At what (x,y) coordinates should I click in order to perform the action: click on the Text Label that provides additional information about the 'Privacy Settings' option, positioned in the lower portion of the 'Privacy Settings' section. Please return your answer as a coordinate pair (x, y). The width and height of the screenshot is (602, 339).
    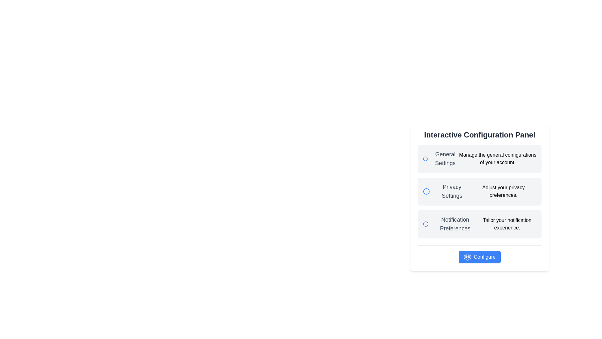
    Looking at the image, I should click on (503, 191).